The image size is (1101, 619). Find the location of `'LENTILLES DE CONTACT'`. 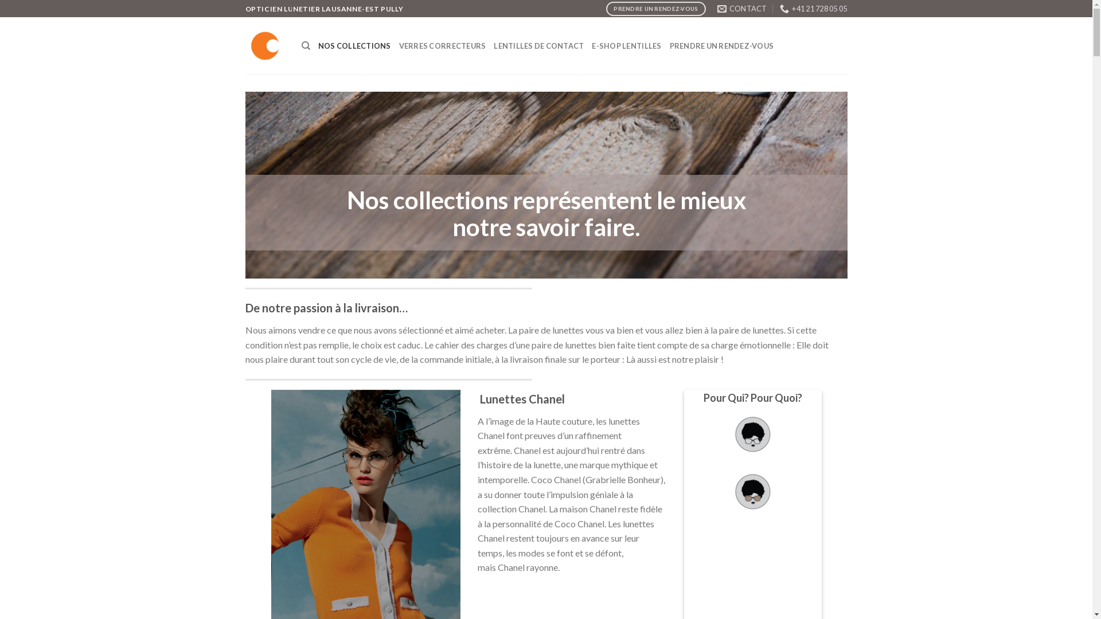

'LENTILLES DE CONTACT' is located at coordinates (493, 45).